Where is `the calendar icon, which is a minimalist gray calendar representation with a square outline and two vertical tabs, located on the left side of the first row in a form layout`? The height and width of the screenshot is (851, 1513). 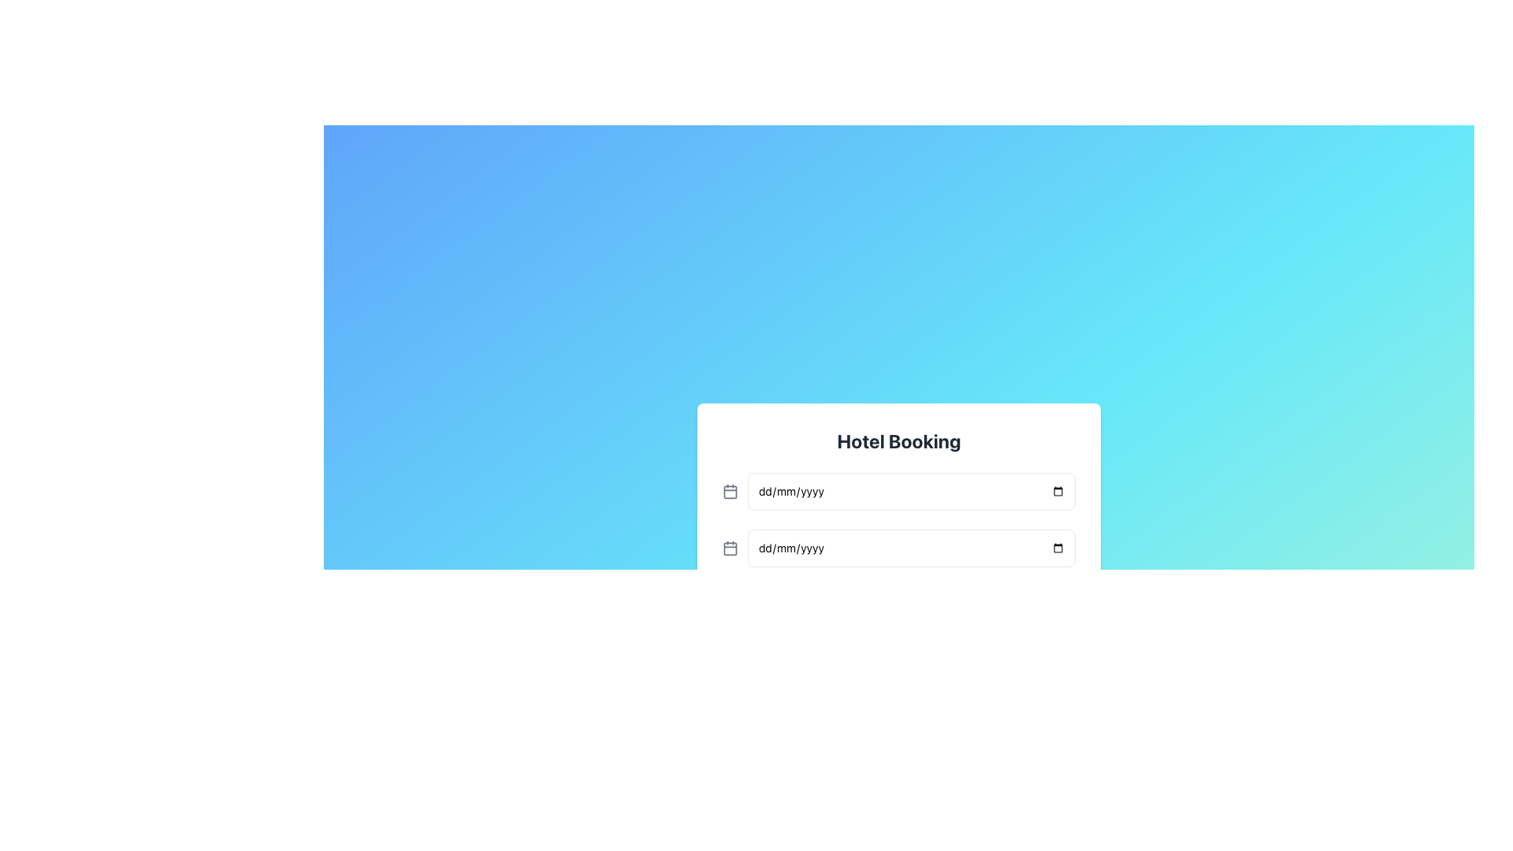
the calendar icon, which is a minimalist gray calendar representation with a square outline and two vertical tabs, located on the left side of the first row in a form layout is located at coordinates (729, 491).